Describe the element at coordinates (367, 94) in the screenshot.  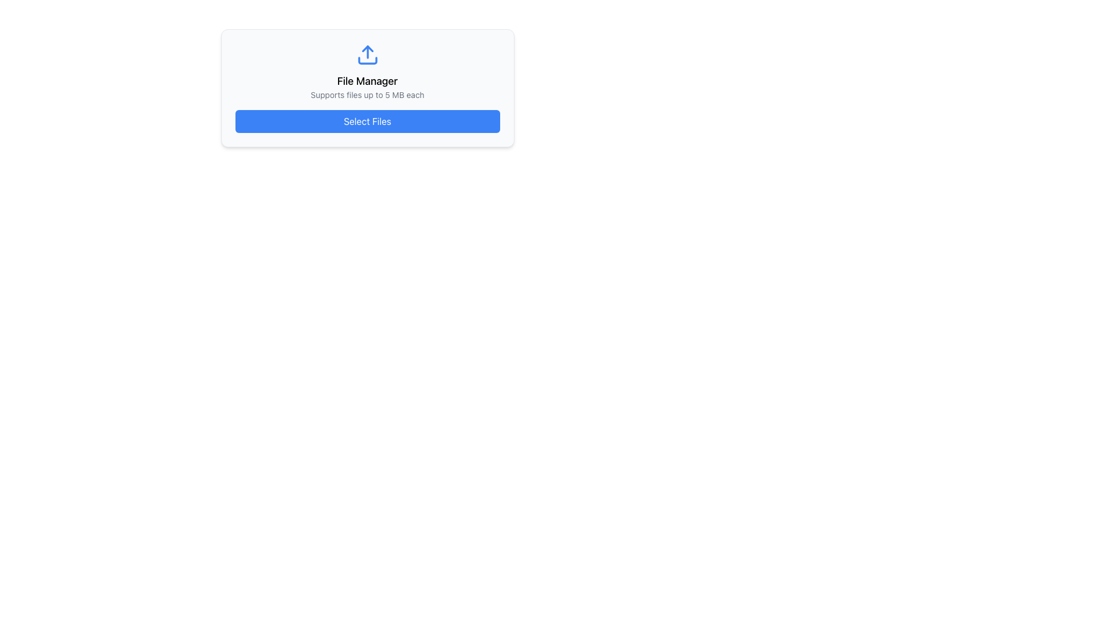
I see `the text label that says 'Supports files up to 5 MB each', which is located below the 'File Manager' label and above the 'Select Files' button` at that location.